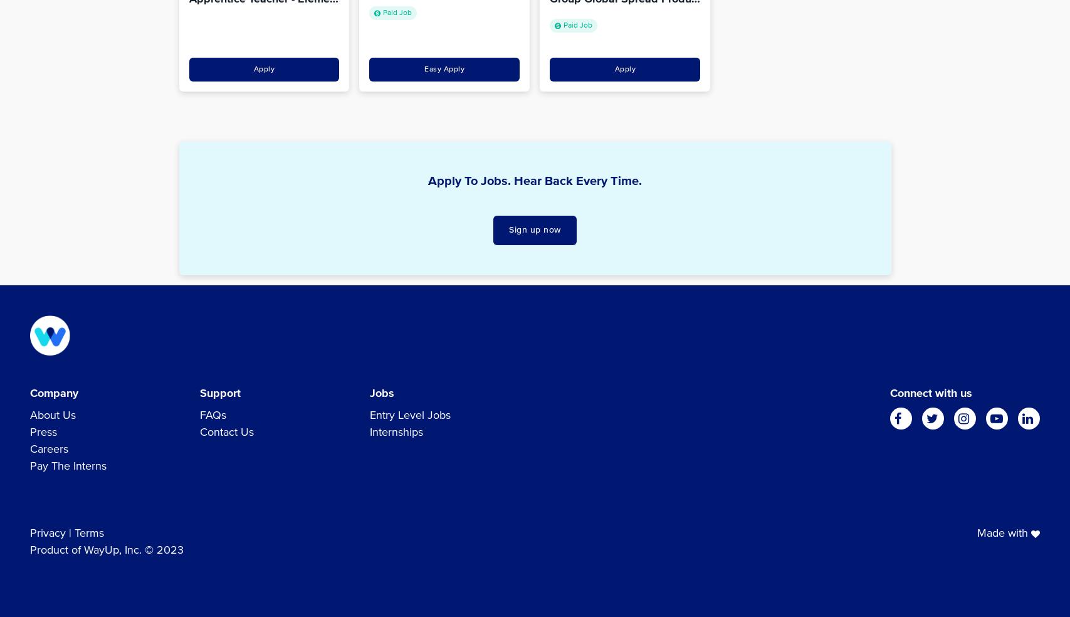 This screenshot has width=1070, height=617. Describe the element at coordinates (444, 68) in the screenshot. I see `'Easy Apply'` at that location.